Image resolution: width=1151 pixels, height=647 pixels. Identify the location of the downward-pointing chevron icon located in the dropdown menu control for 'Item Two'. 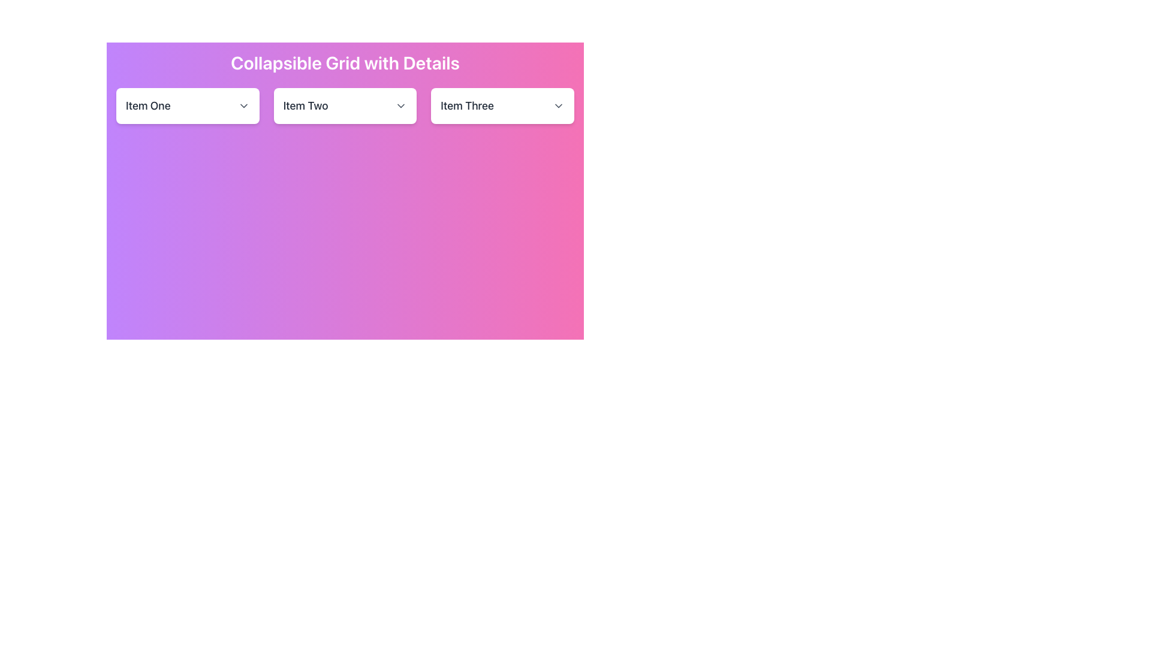
(401, 105).